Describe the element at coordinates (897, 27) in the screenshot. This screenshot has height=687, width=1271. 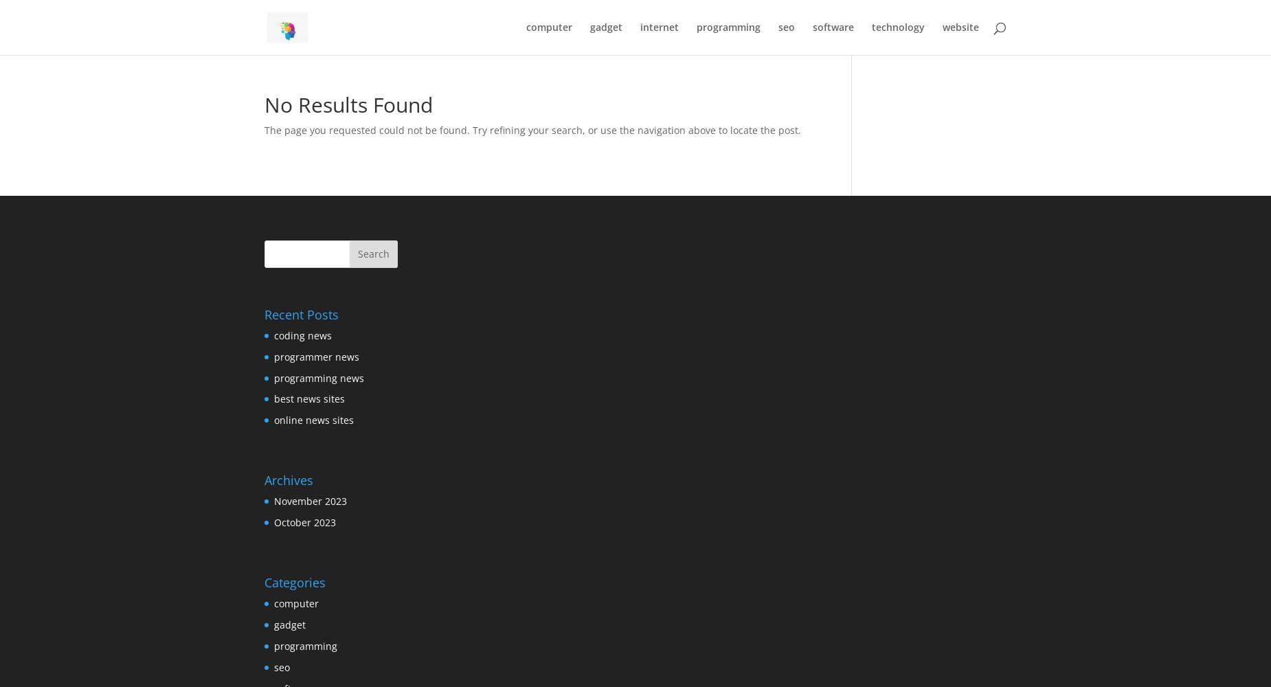
I see `'technology'` at that location.